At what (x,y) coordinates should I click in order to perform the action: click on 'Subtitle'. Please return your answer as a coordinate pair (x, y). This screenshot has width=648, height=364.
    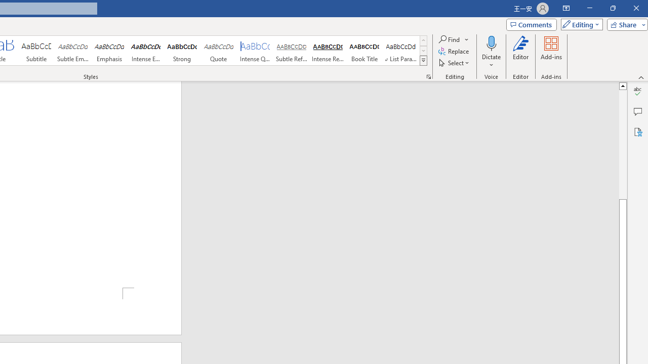
    Looking at the image, I should click on (36, 51).